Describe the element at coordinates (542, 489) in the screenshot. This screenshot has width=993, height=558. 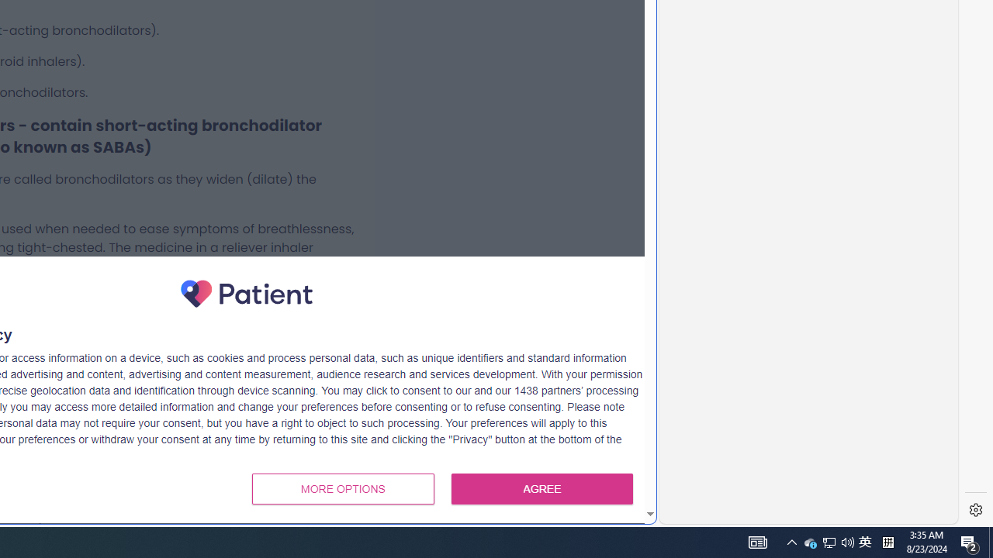
I see `'AGREE'` at that location.